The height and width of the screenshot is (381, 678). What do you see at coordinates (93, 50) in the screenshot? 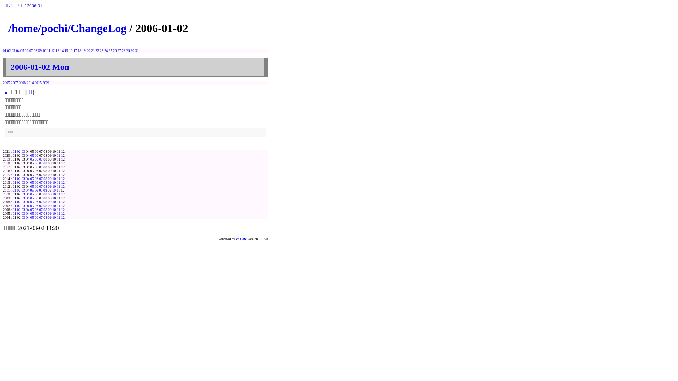
I see `'21'` at bounding box center [93, 50].